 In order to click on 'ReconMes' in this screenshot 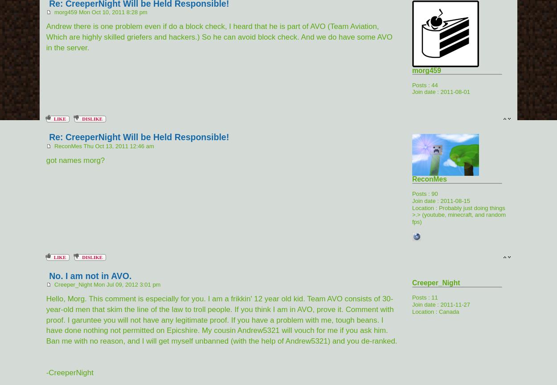, I will do `click(412, 179)`.